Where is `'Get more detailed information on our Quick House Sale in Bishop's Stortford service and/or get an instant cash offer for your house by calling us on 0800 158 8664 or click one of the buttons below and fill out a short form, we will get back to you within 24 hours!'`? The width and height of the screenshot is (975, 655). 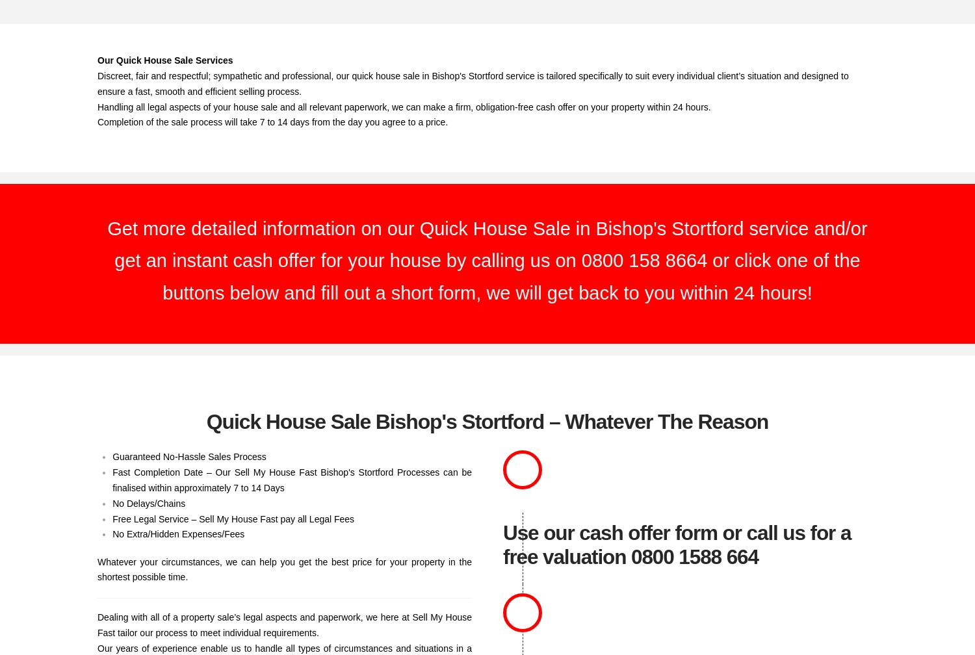
'Get more detailed information on our Quick House Sale in Bishop's Stortford service and/or get an instant cash offer for your house by calling us on 0800 158 8664 or click one of the buttons below and fill out a short form, we will get back to you within 24 hours!' is located at coordinates (486, 260).